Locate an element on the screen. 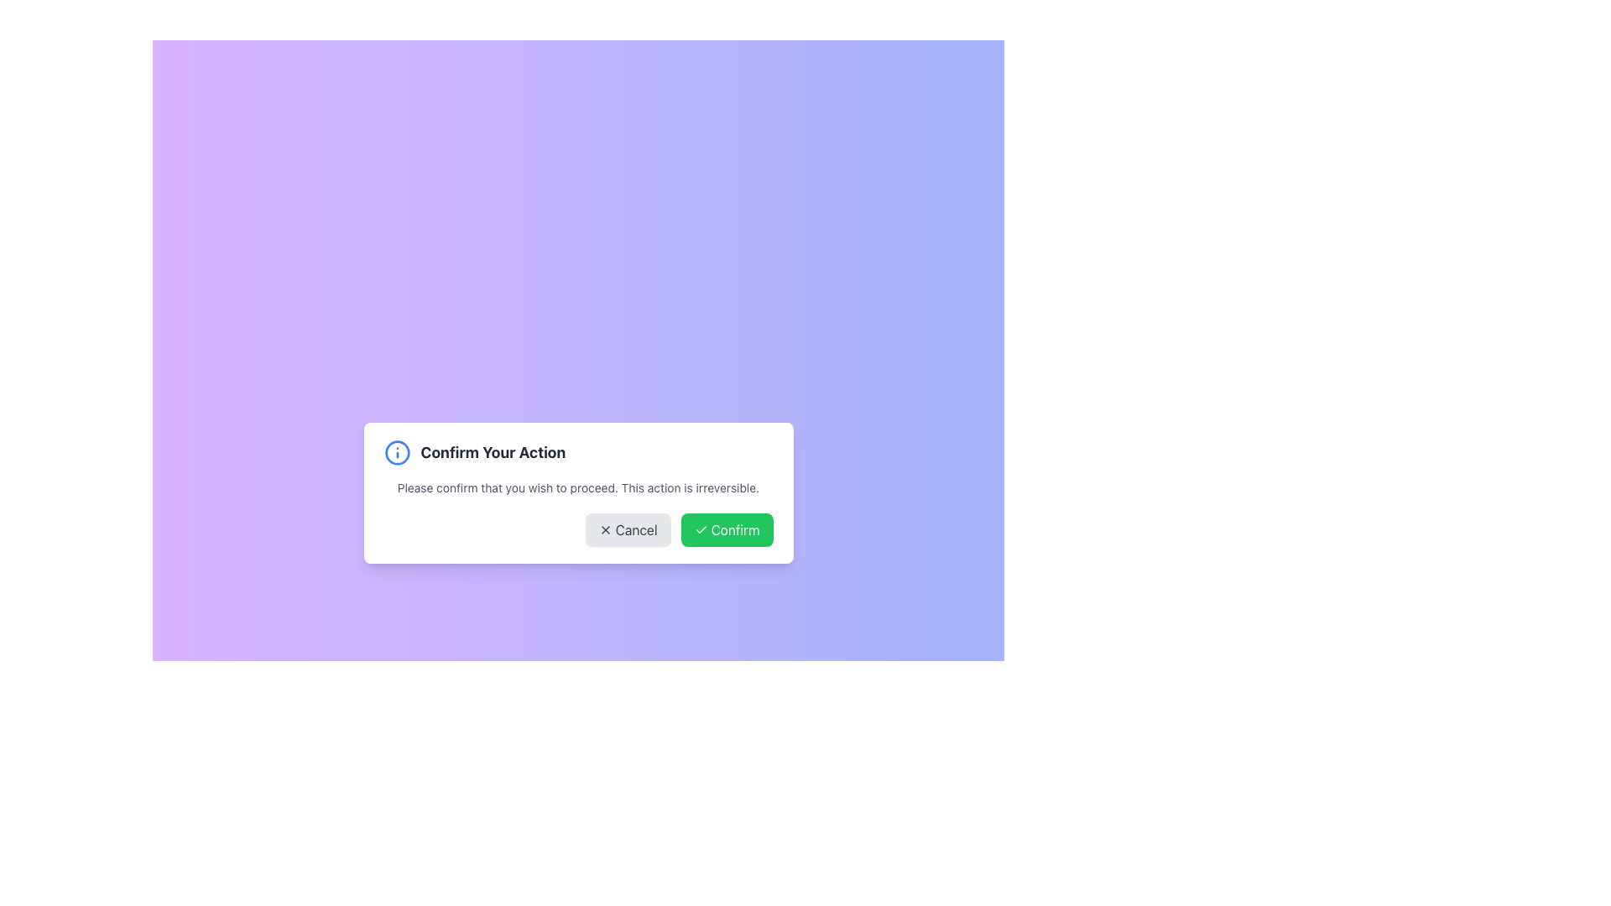  the 'Confirm' button that contains the checkmark icon is located at coordinates (701, 530).